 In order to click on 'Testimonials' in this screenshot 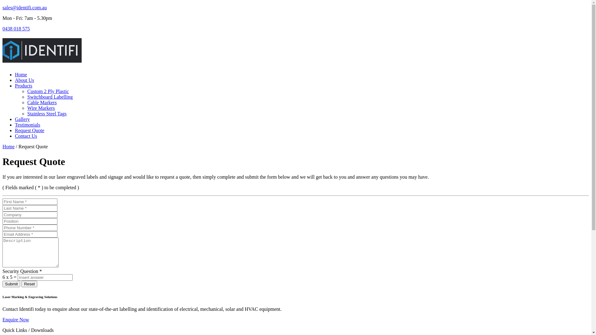, I will do `click(27, 125)`.